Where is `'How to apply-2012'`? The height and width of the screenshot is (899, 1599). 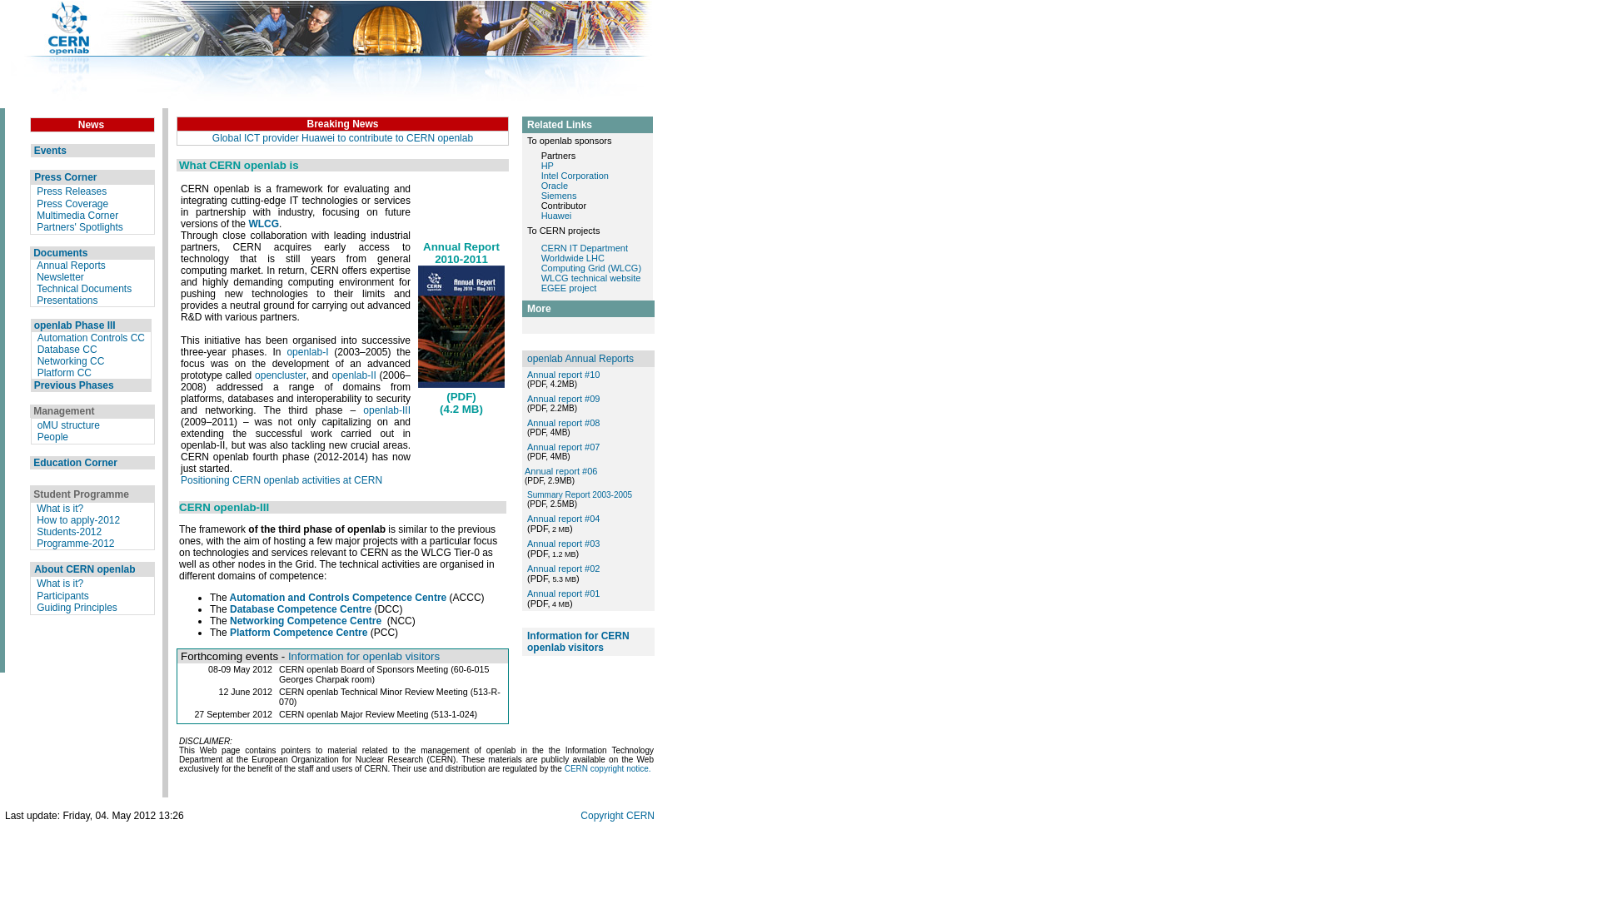
'How to apply-2012' is located at coordinates (77, 519).